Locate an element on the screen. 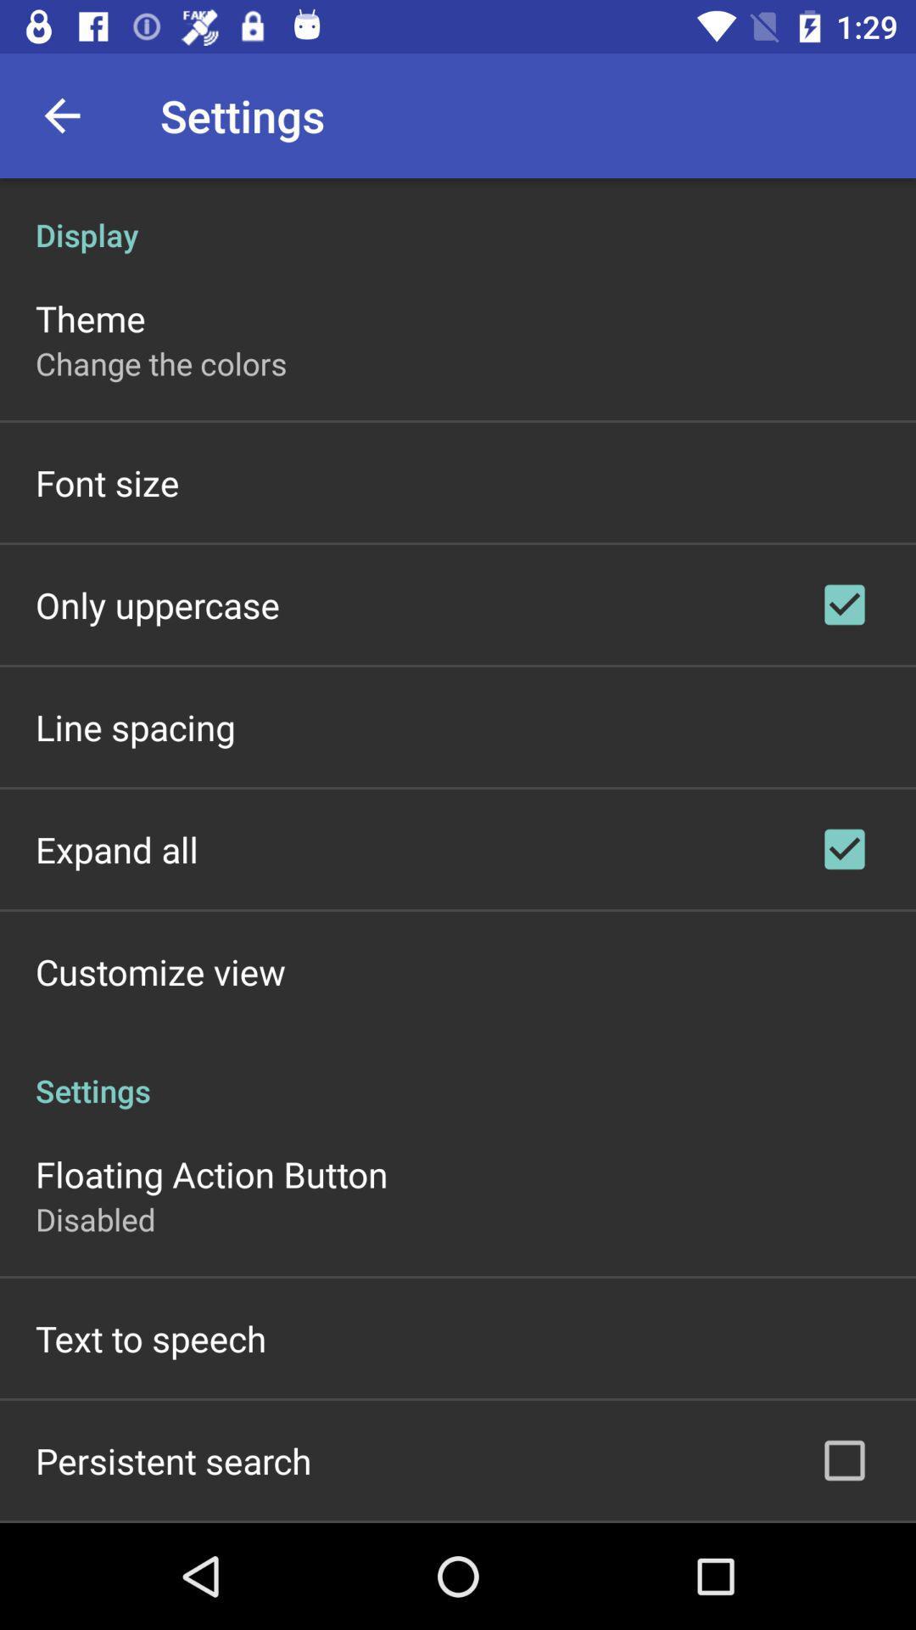 The height and width of the screenshot is (1630, 916). font size is located at coordinates (107, 481).